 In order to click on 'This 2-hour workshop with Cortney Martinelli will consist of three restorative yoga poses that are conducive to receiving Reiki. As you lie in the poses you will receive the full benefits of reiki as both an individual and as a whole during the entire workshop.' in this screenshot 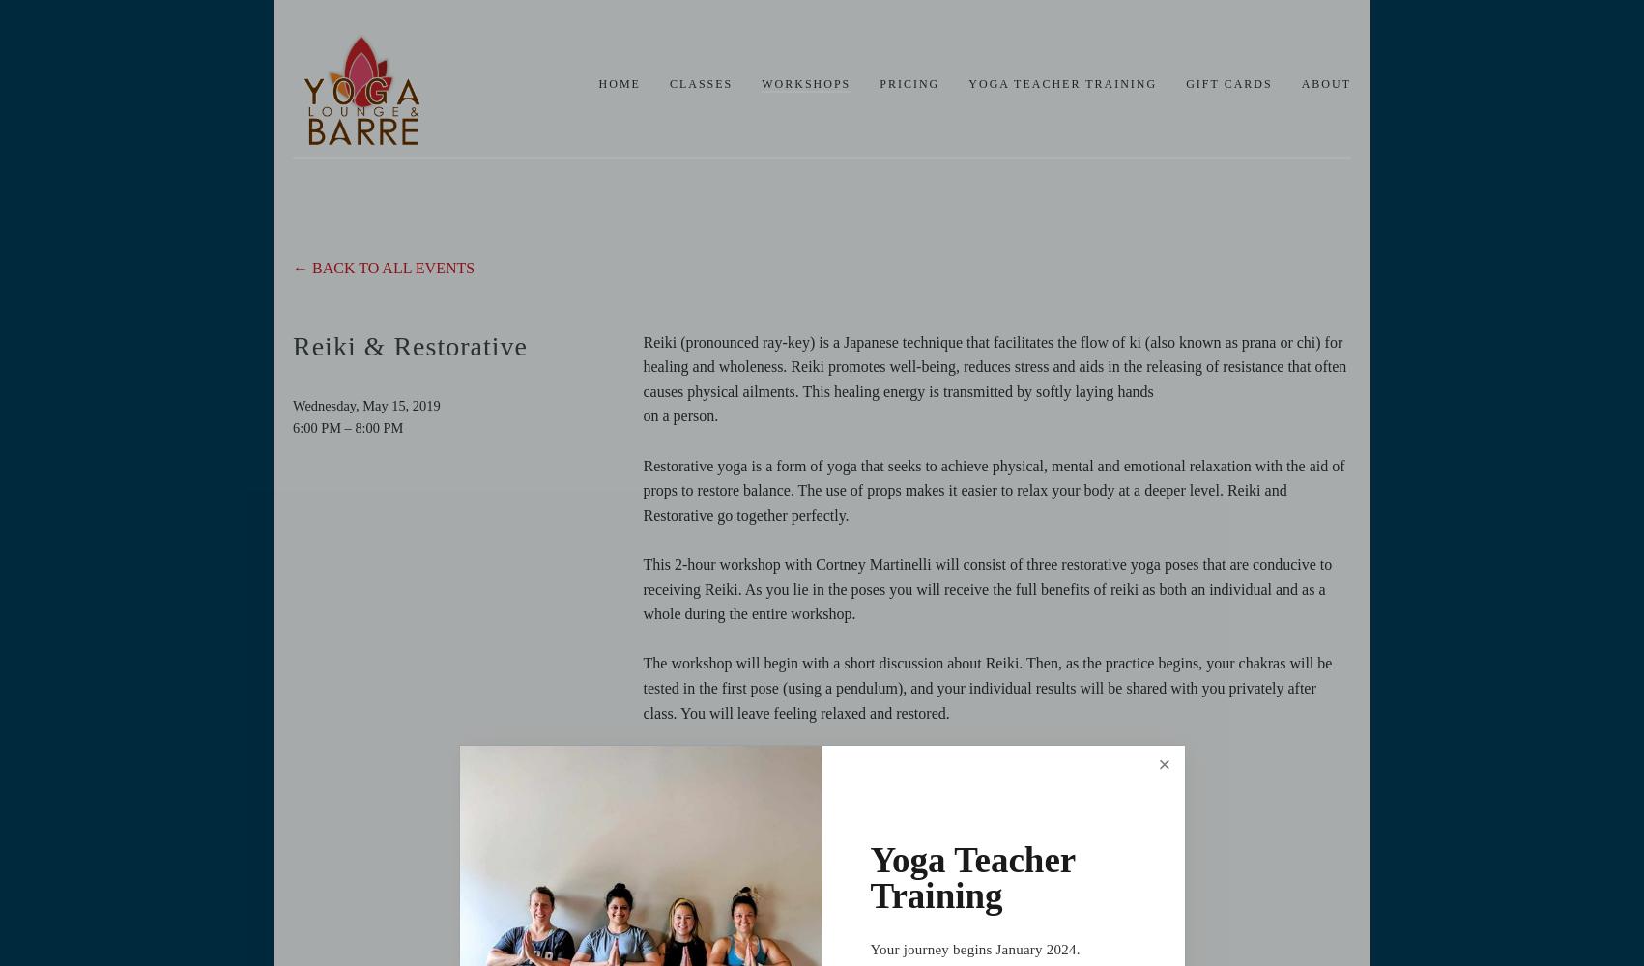, I will do `click(989, 587)`.